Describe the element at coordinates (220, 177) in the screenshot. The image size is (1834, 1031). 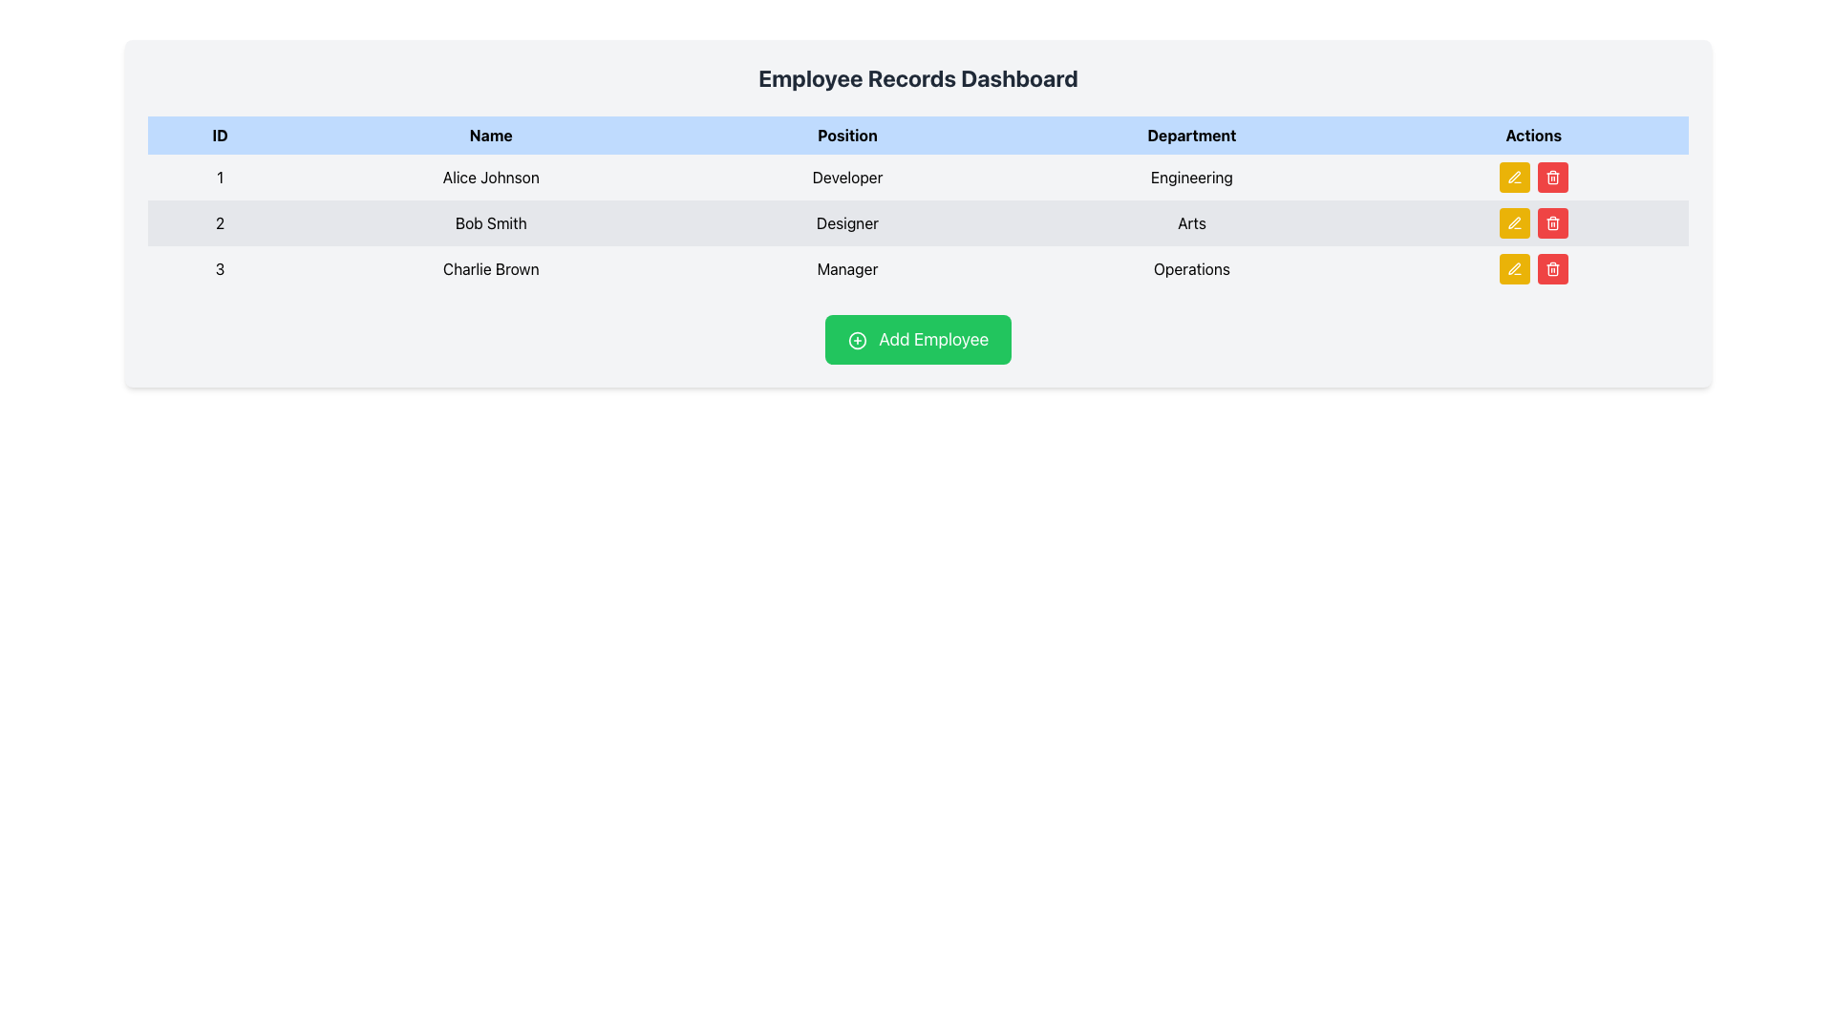
I see `the first cell` at that location.